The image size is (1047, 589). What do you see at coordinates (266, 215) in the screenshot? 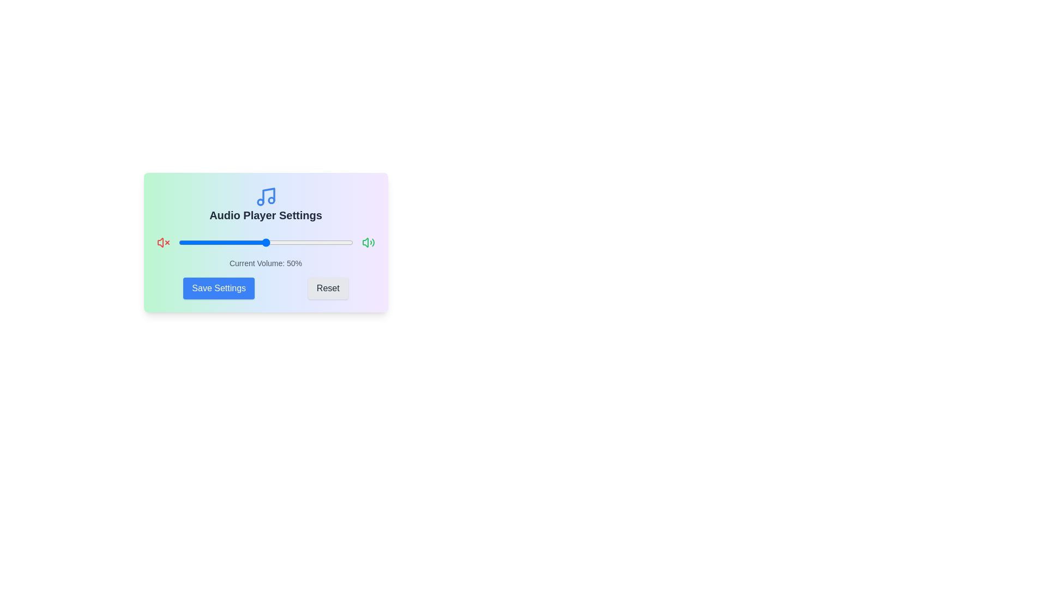
I see `the 'Audio Player Settings' heading, which is positioned below a music icon in the upper section of the settings card` at bounding box center [266, 215].